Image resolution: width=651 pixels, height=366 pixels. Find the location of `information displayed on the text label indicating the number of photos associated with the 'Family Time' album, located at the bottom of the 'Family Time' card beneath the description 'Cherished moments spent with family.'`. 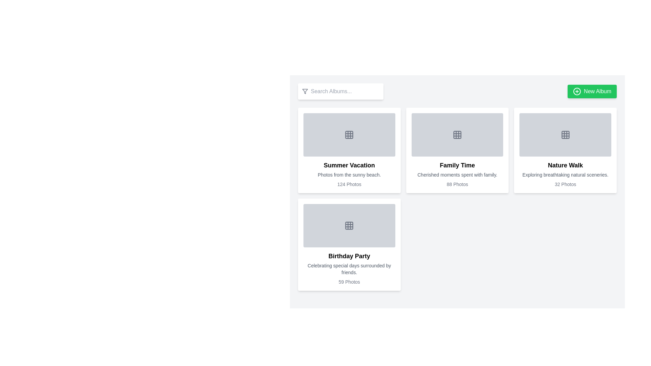

information displayed on the text label indicating the number of photos associated with the 'Family Time' album, located at the bottom of the 'Family Time' card beneath the description 'Cherished moments spent with family.' is located at coordinates (457, 184).